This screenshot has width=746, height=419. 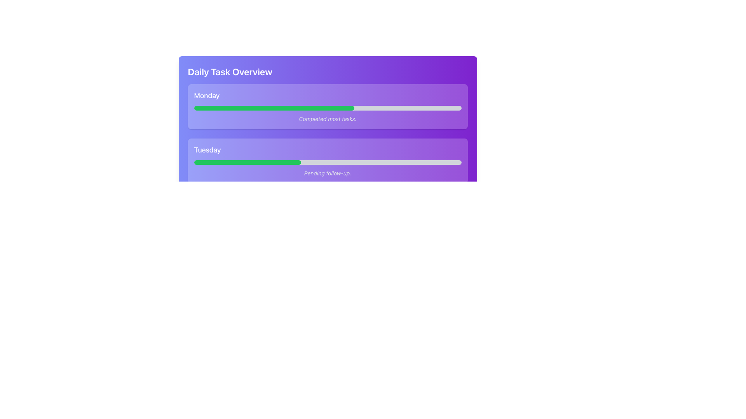 What do you see at coordinates (328, 108) in the screenshot?
I see `the progress bar indicating the completion status of tasks for Monday, located below the text 'Monday' and above 'Completed most tasks.'` at bounding box center [328, 108].